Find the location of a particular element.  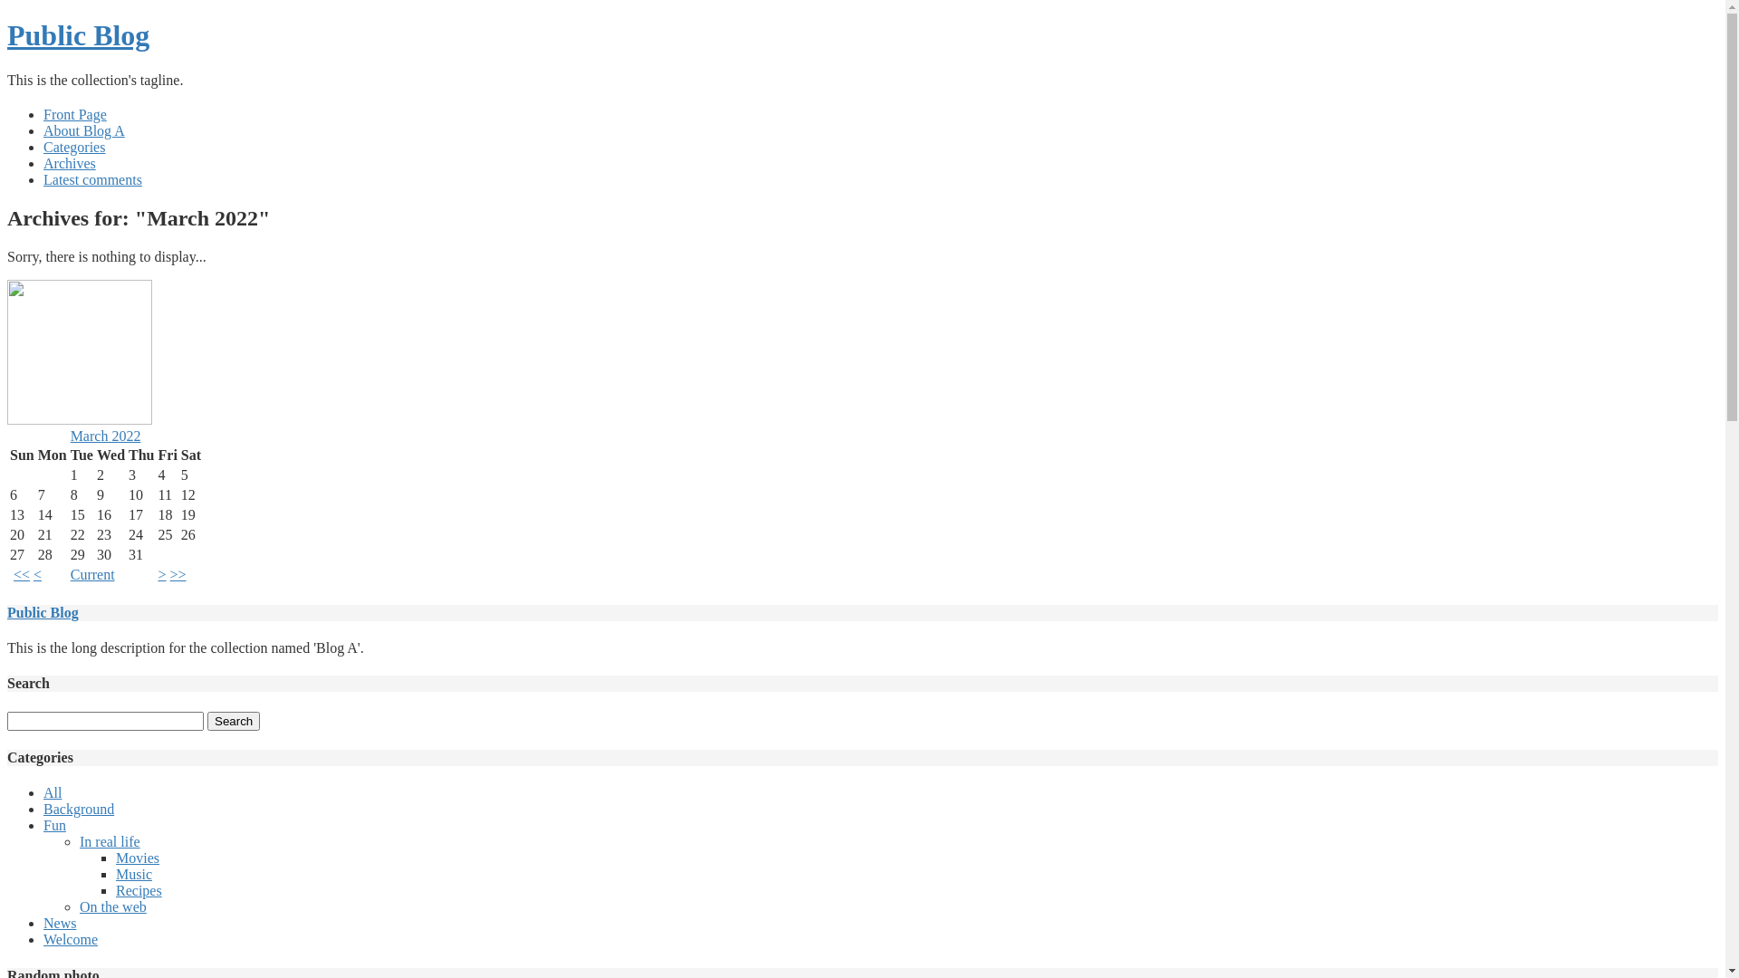

'Movies' is located at coordinates (115, 857).